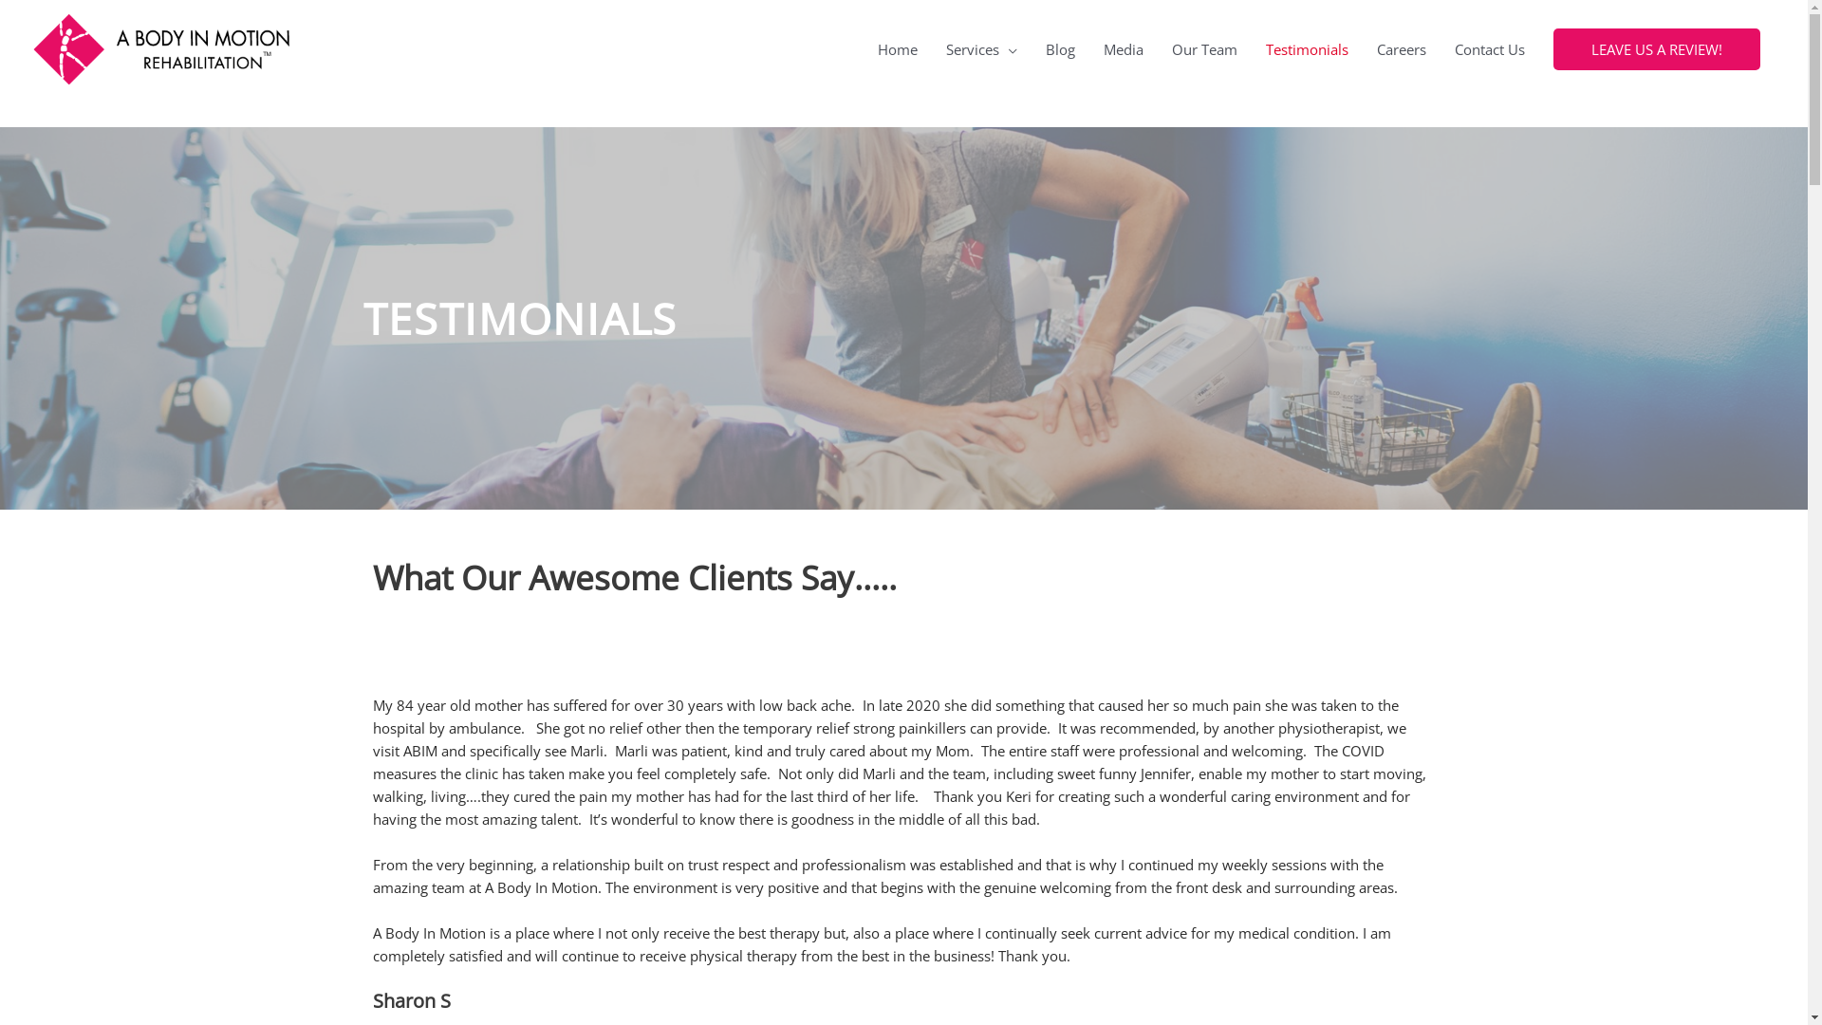 Image resolution: width=1822 pixels, height=1025 pixels. What do you see at coordinates (1656, 47) in the screenshot?
I see `'LEAVE US A REVIEW!'` at bounding box center [1656, 47].